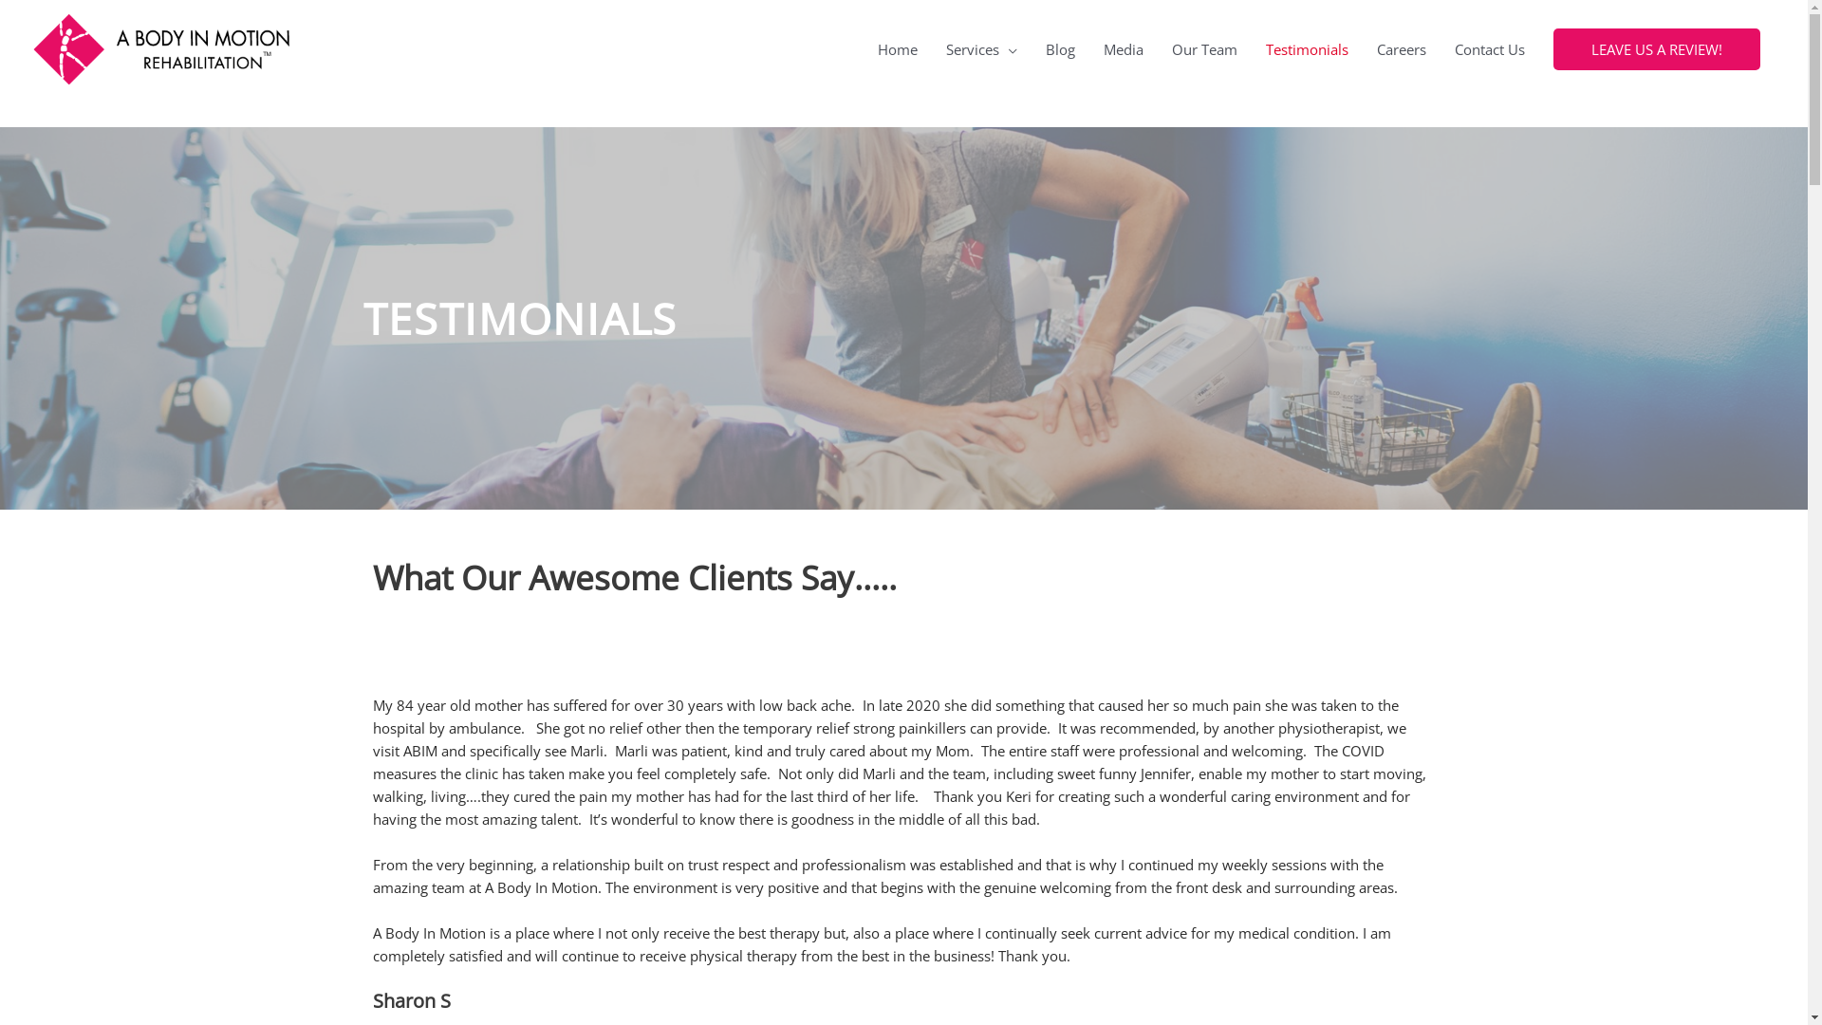 Image resolution: width=1822 pixels, height=1025 pixels. What do you see at coordinates (1656, 47) in the screenshot?
I see `'LEAVE US A REVIEW!'` at bounding box center [1656, 47].